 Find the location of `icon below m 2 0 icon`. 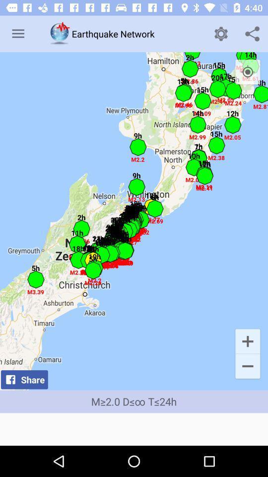

icon below m 2 0 icon is located at coordinates (134, 429).